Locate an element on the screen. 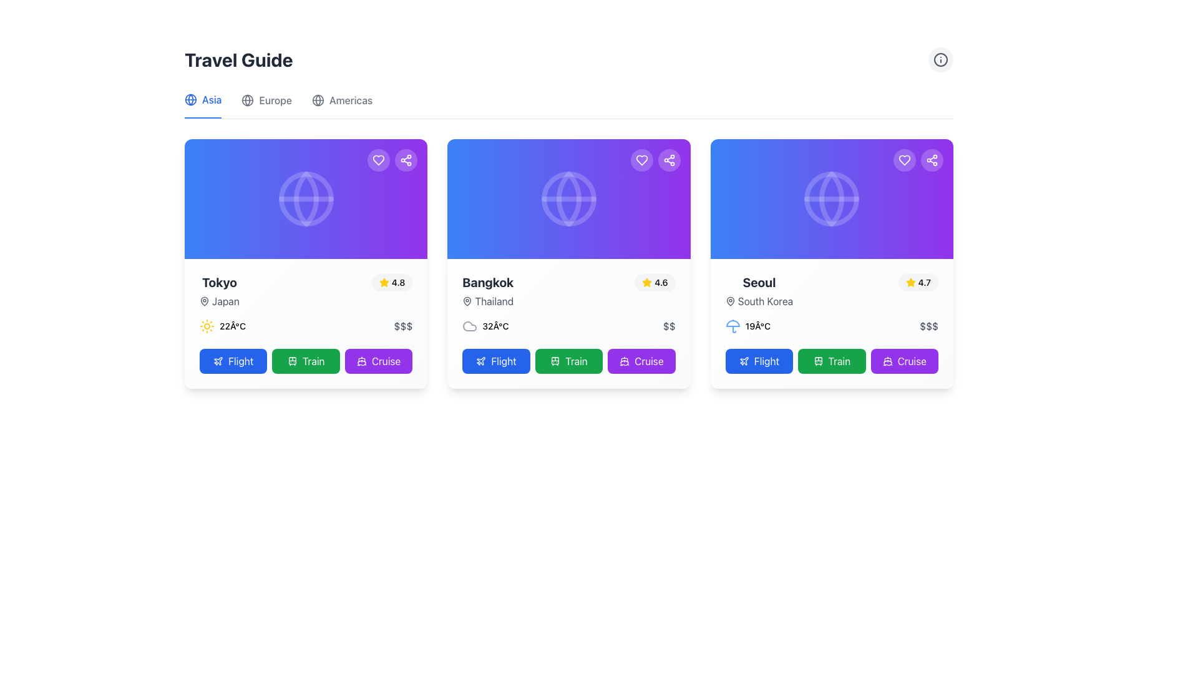 The height and width of the screenshot is (674, 1198). text content of the Text Label that serves as the title for the card, which displays 'Bangkok' and is located in the upper-left section of the second card in a horizontally aligned triplet of cards is located at coordinates (487, 282).